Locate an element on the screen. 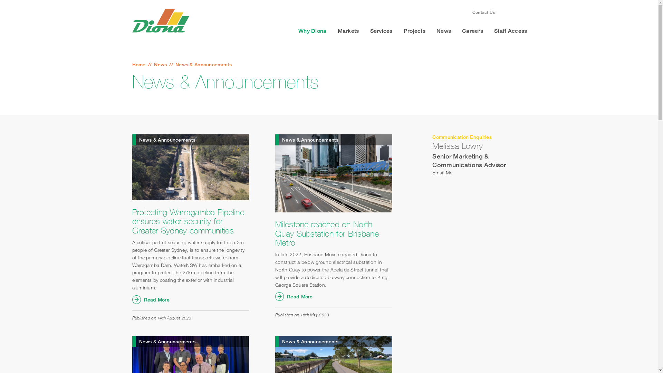 The image size is (663, 373). 'Markets' is located at coordinates (348, 30).